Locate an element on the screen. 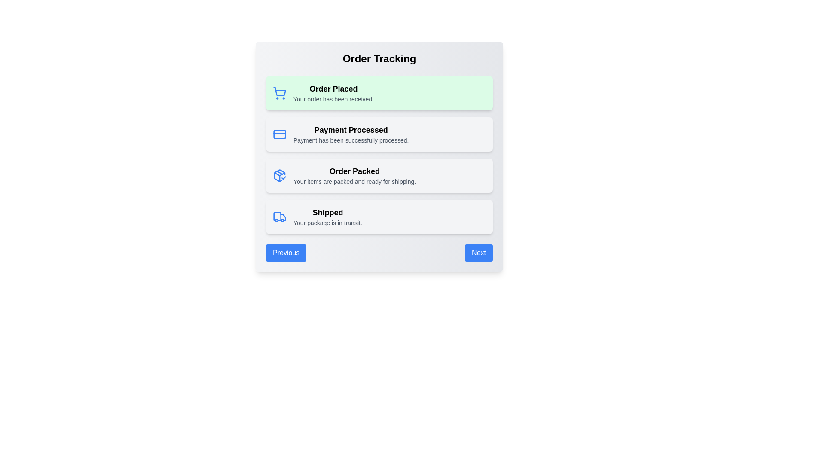 The image size is (825, 464). the text label indicating the successful processing of the payment, located below the 'Payment Processed' header is located at coordinates (351, 140).